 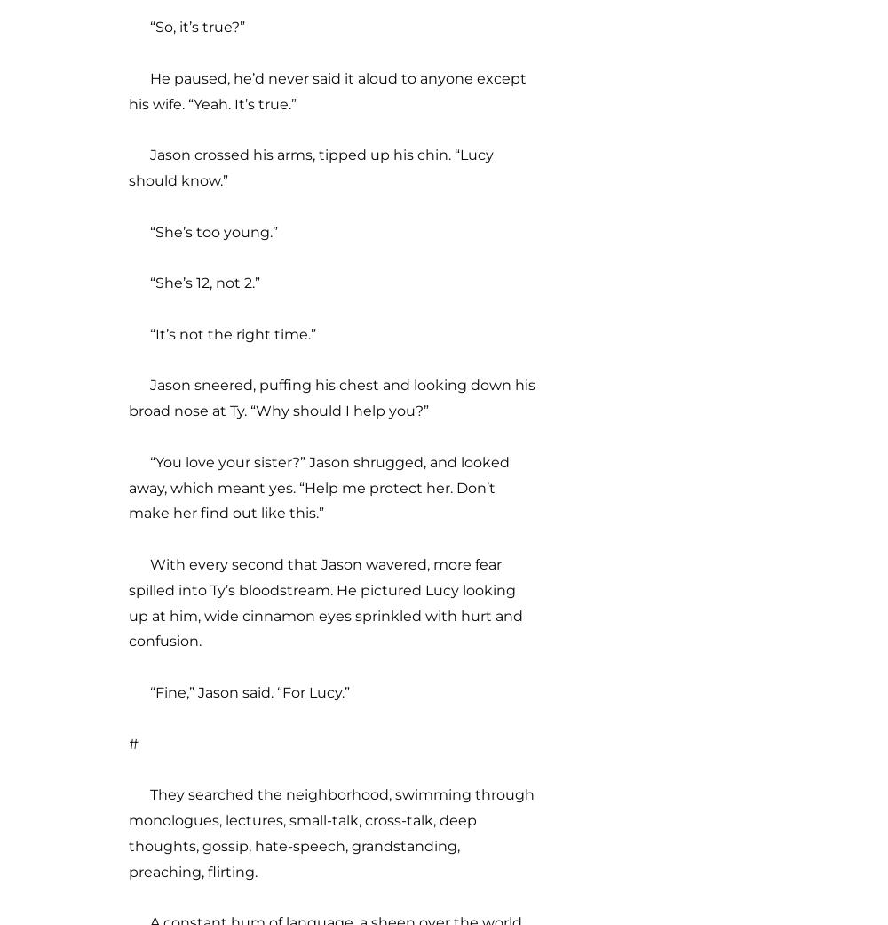 What do you see at coordinates (133, 742) in the screenshot?
I see `'#'` at bounding box center [133, 742].